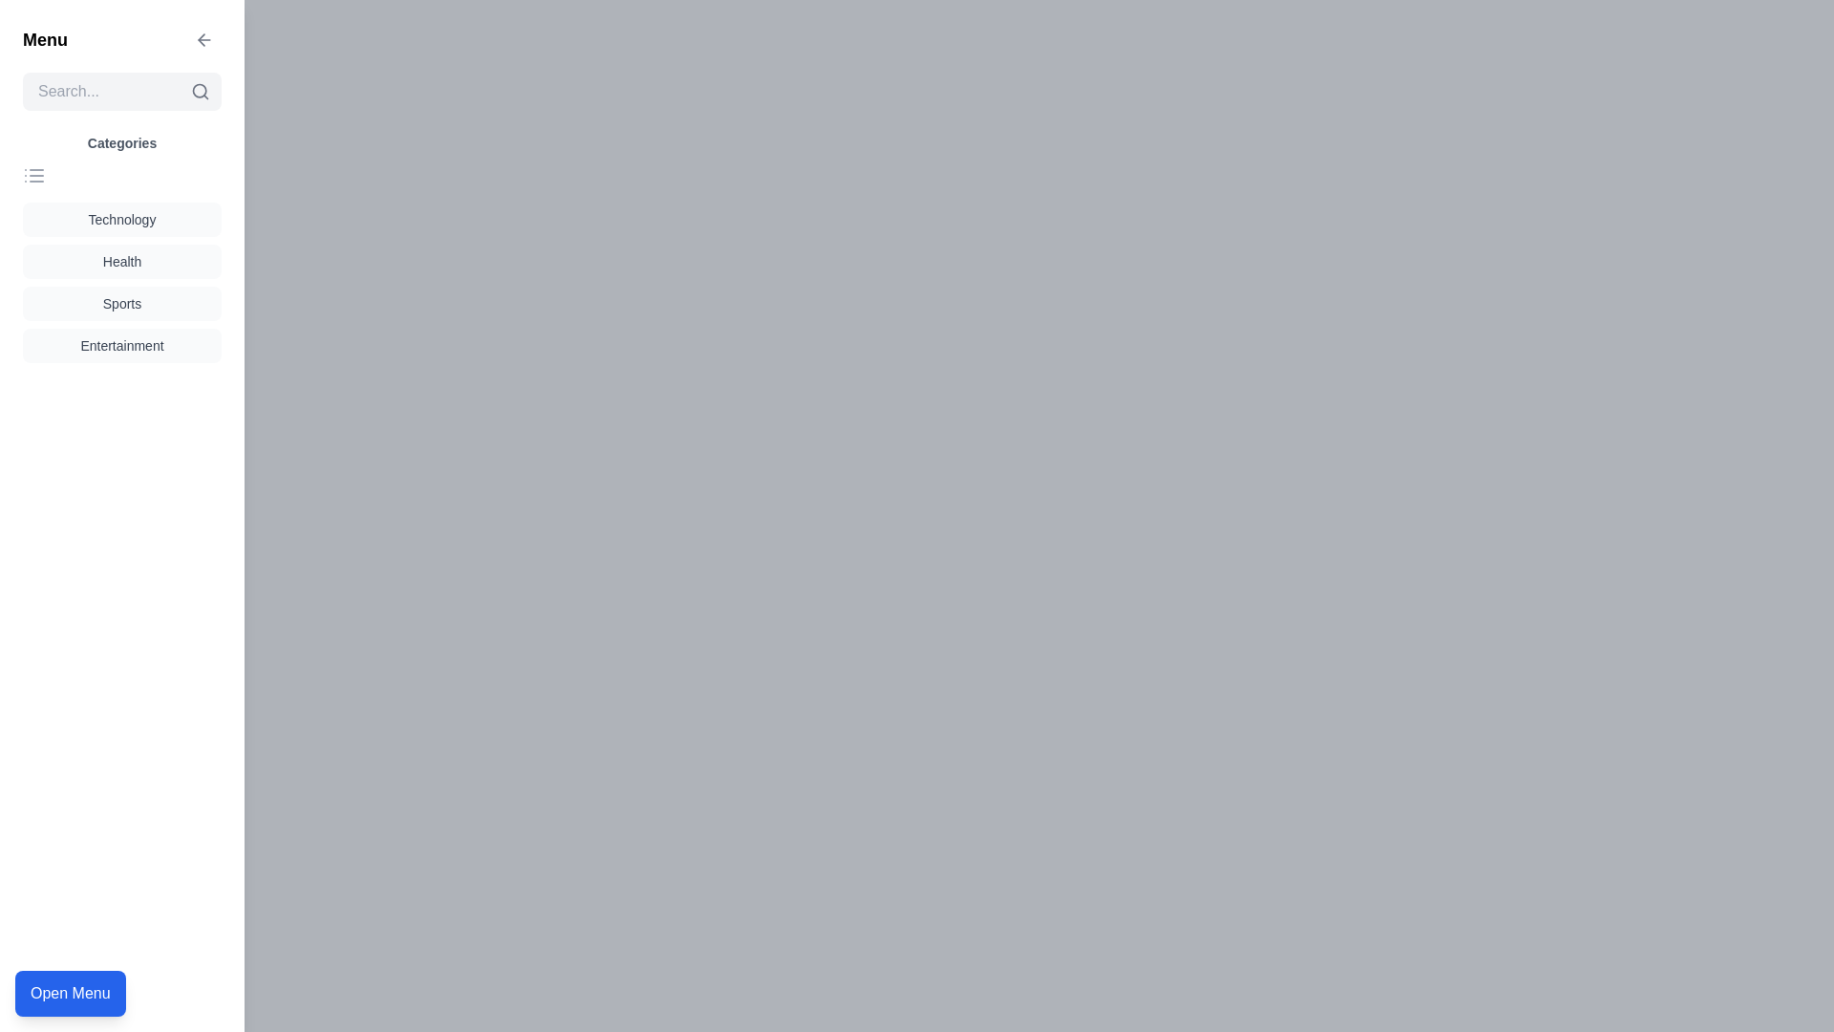 The width and height of the screenshot is (1834, 1032). What do you see at coordinates (202, 40) in the screenshot?
I see `the back button icon located in the top-right corner of the visible menu panel, near the search bar` at bounding box center [202, 40].